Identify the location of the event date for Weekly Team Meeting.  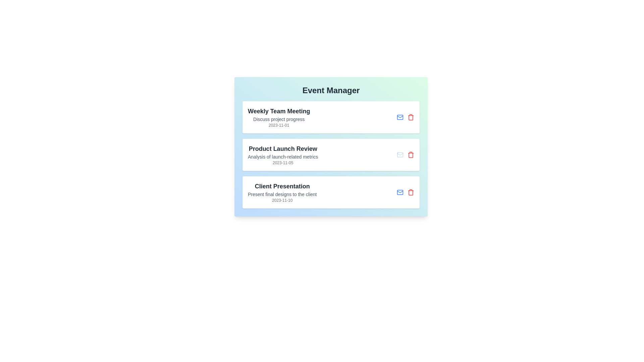
(279, 125).